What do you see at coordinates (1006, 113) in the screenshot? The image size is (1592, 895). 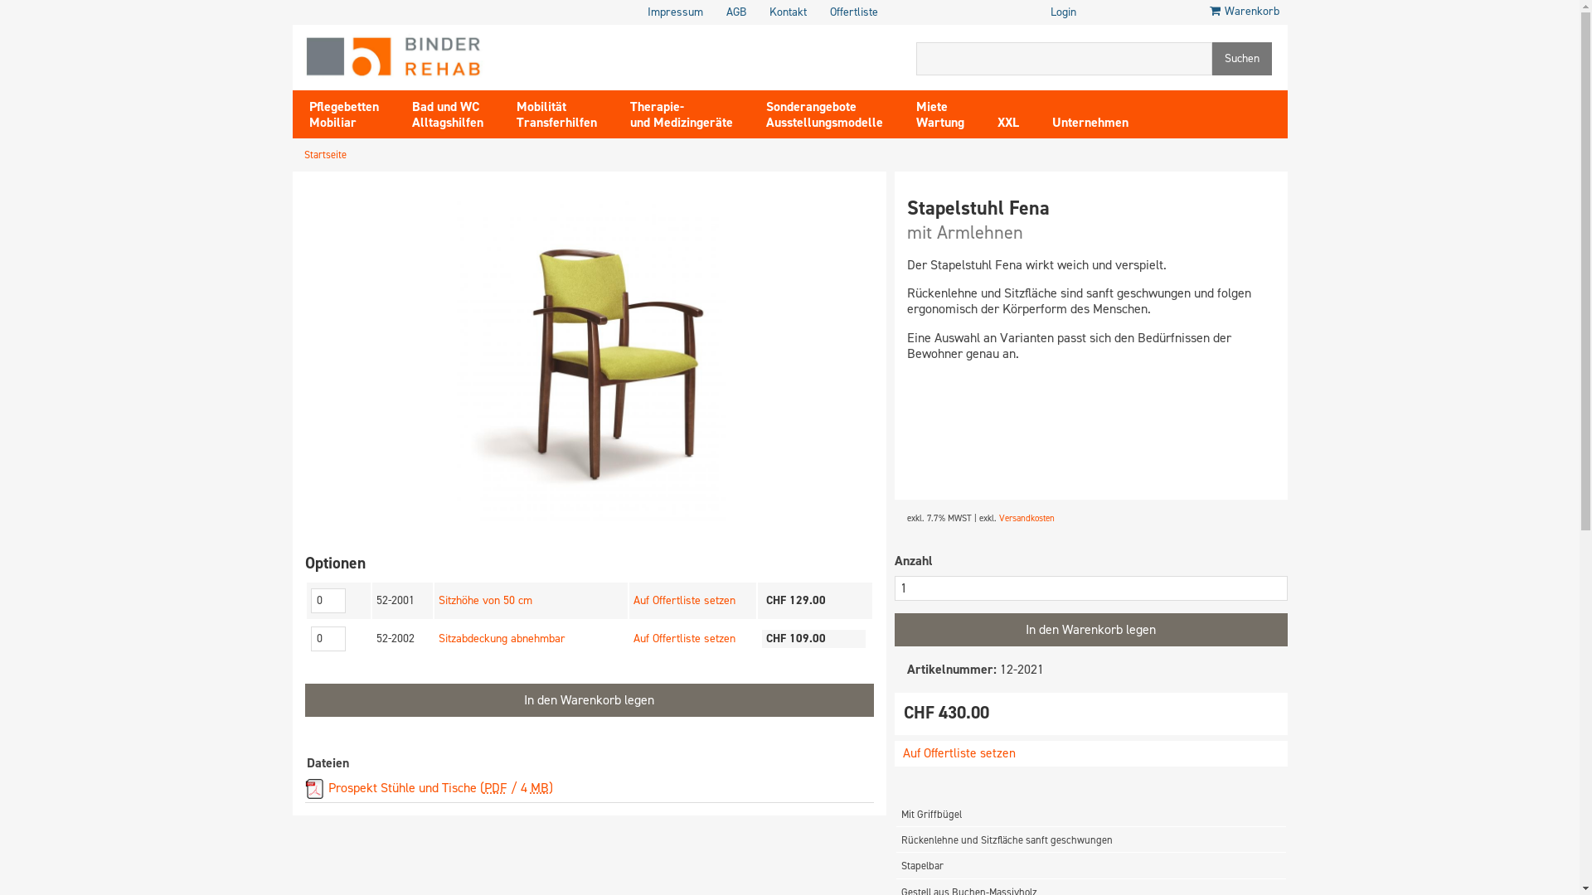 I see `'XXL'` at bounding box center [1006, 113].